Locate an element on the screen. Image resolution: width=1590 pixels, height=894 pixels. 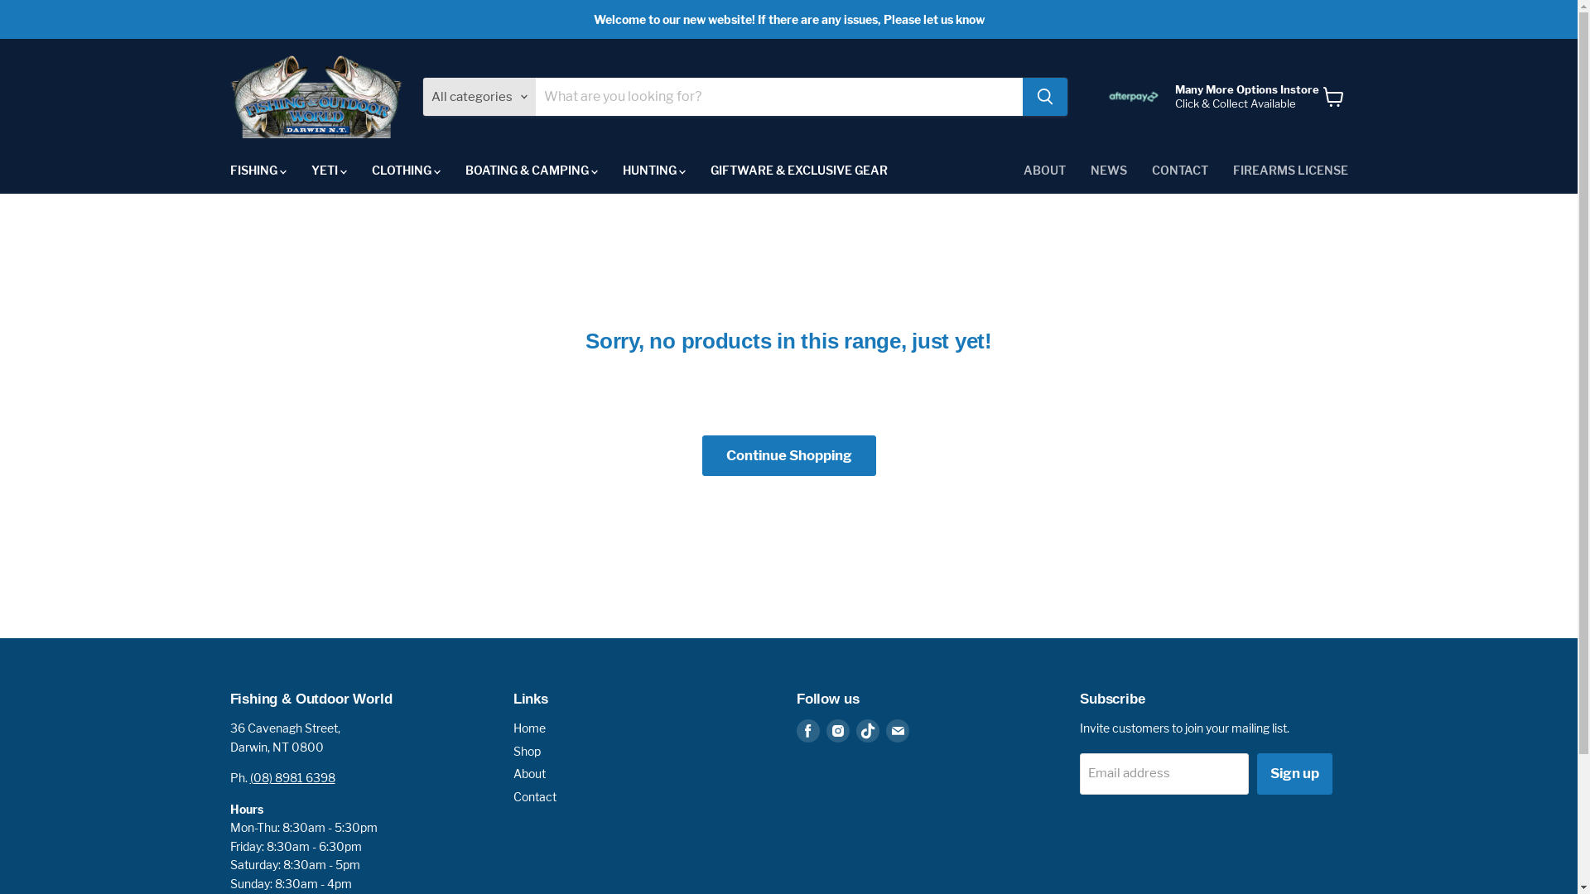
'(08) 8981 6398' is located at coordinates (292, 777).